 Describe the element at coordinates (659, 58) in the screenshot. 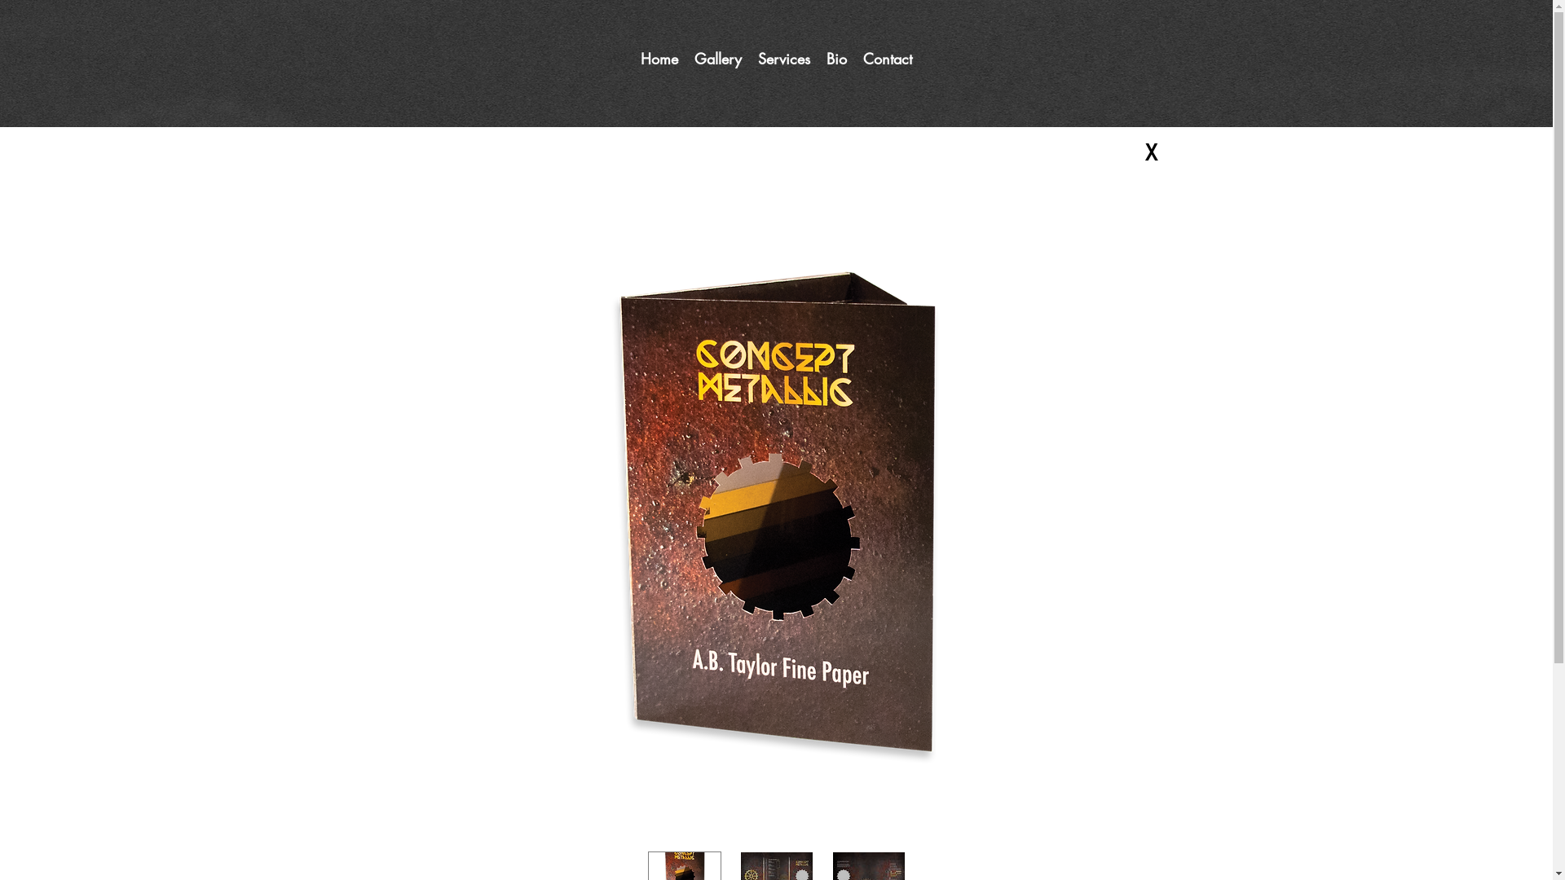

I see `'Home'` at that location.